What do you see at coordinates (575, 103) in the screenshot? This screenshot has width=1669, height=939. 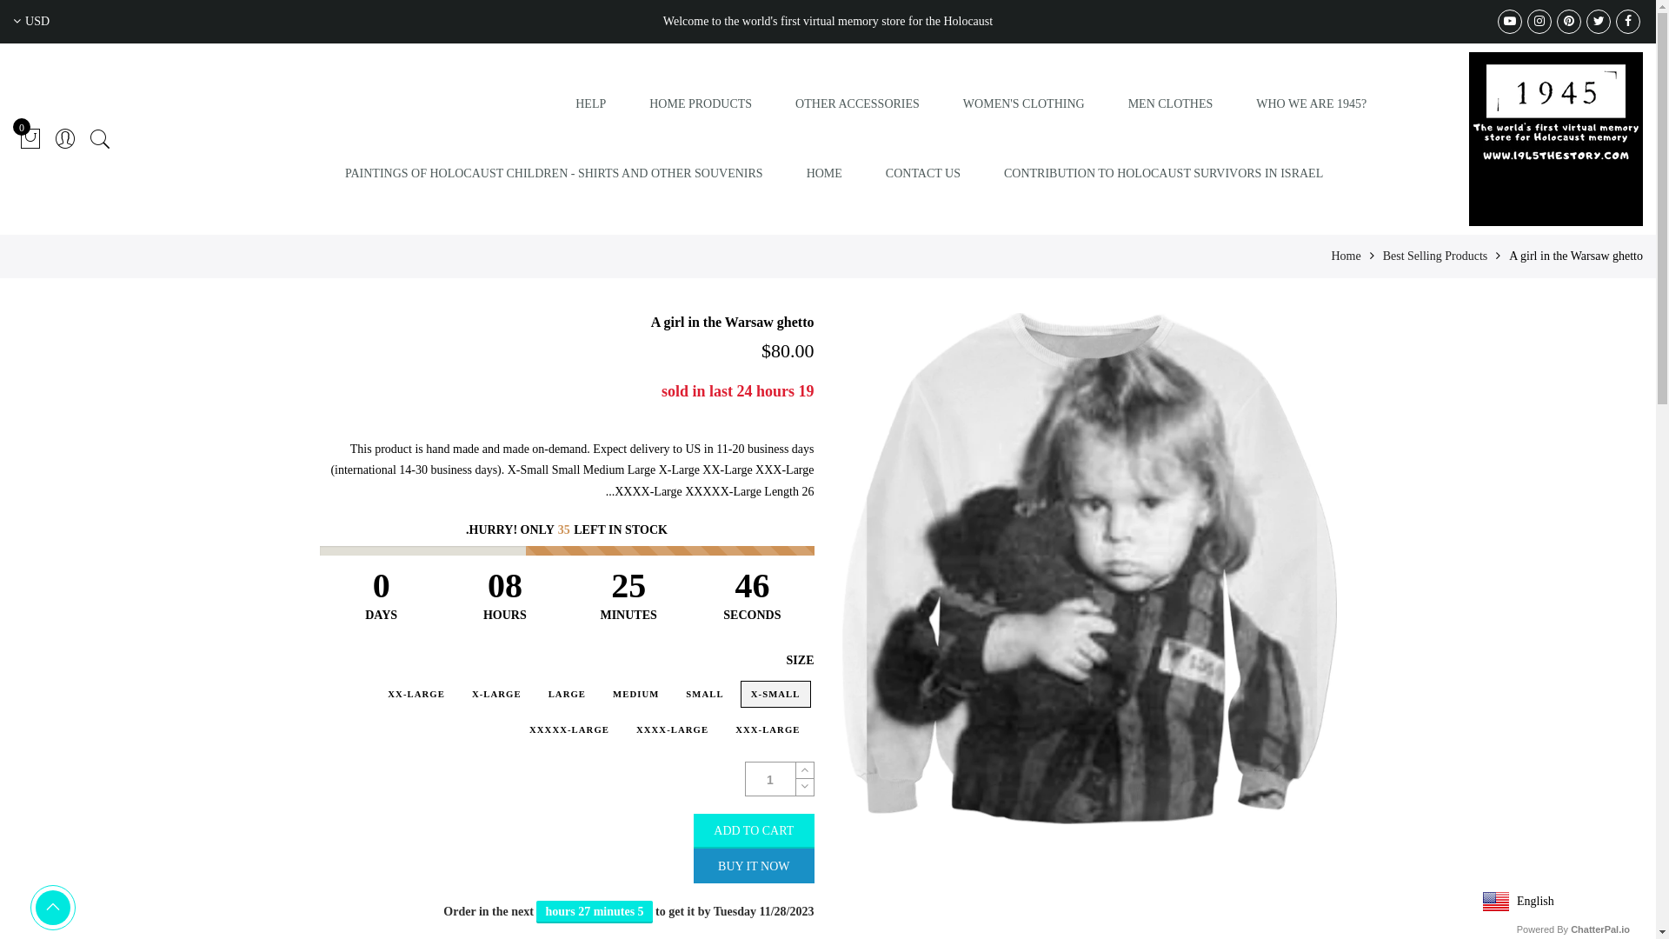 I see `'HELP'` at bounding box center [575, 103].